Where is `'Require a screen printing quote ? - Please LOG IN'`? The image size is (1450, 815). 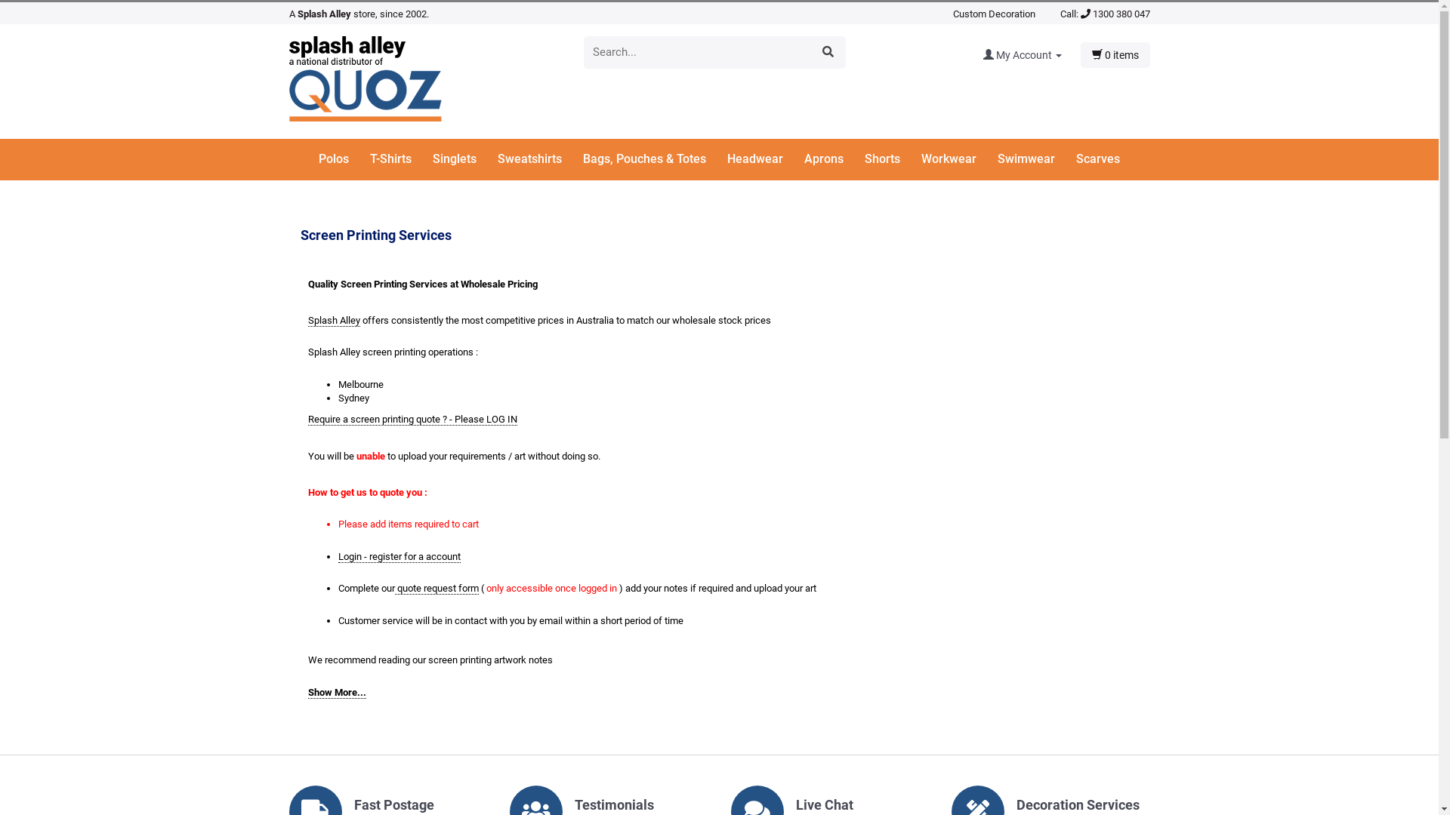
'Require a screen printing quote ? - Please LOG IN' is located at coordinates (307, 419).